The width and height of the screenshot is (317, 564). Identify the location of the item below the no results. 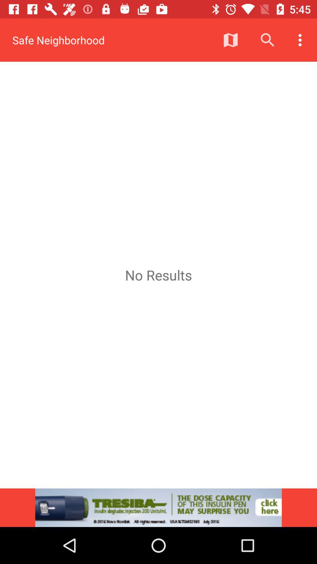
(158, 507).